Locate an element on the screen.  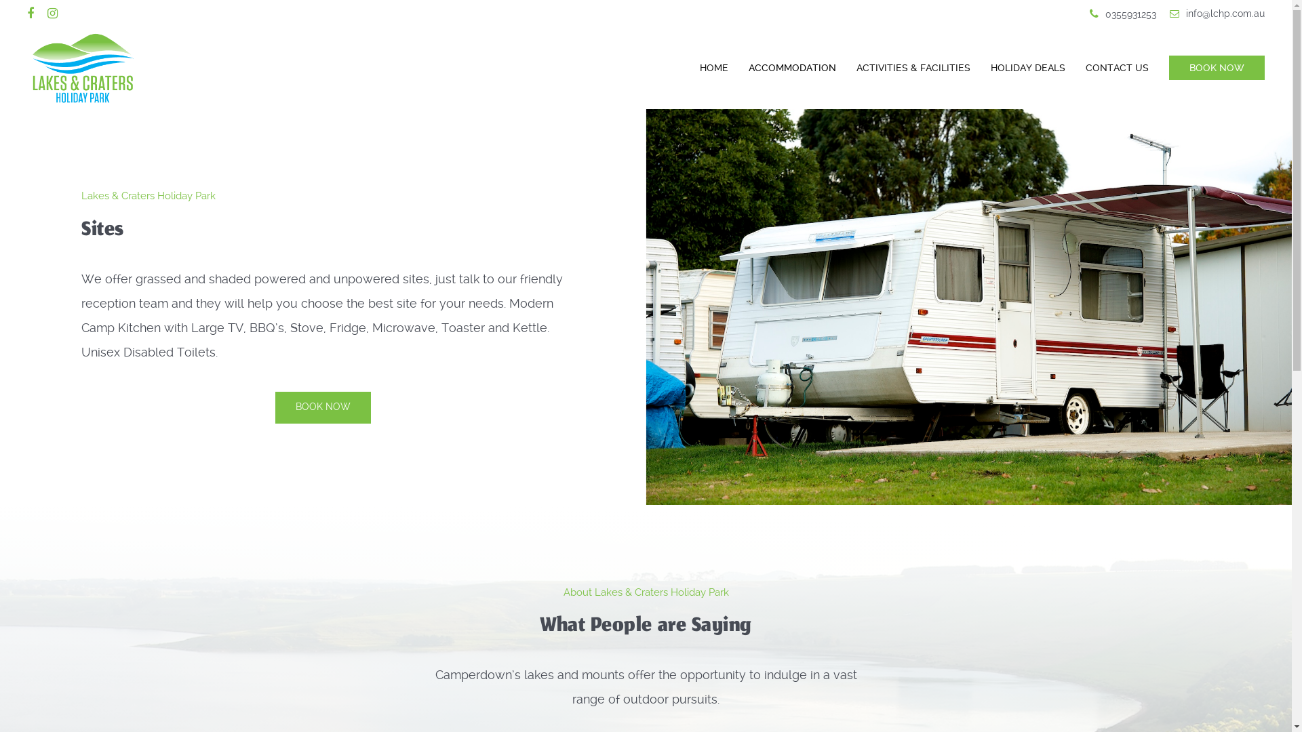
'CONTACT US' is located at coordinates (1117, 68).